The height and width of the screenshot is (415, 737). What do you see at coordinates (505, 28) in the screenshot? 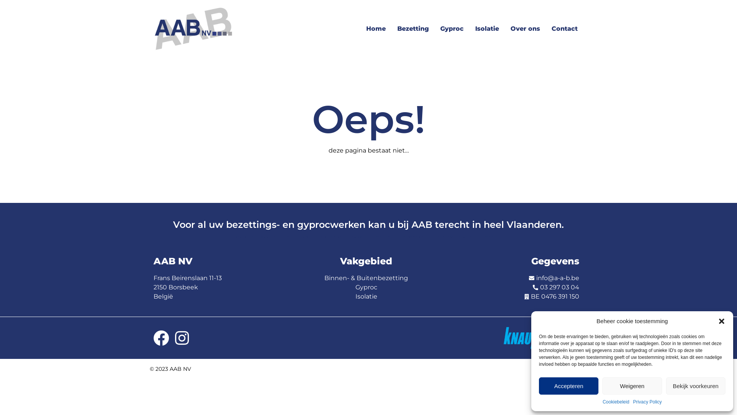
I see `'Over ons'` at bounding box center [505, 28].